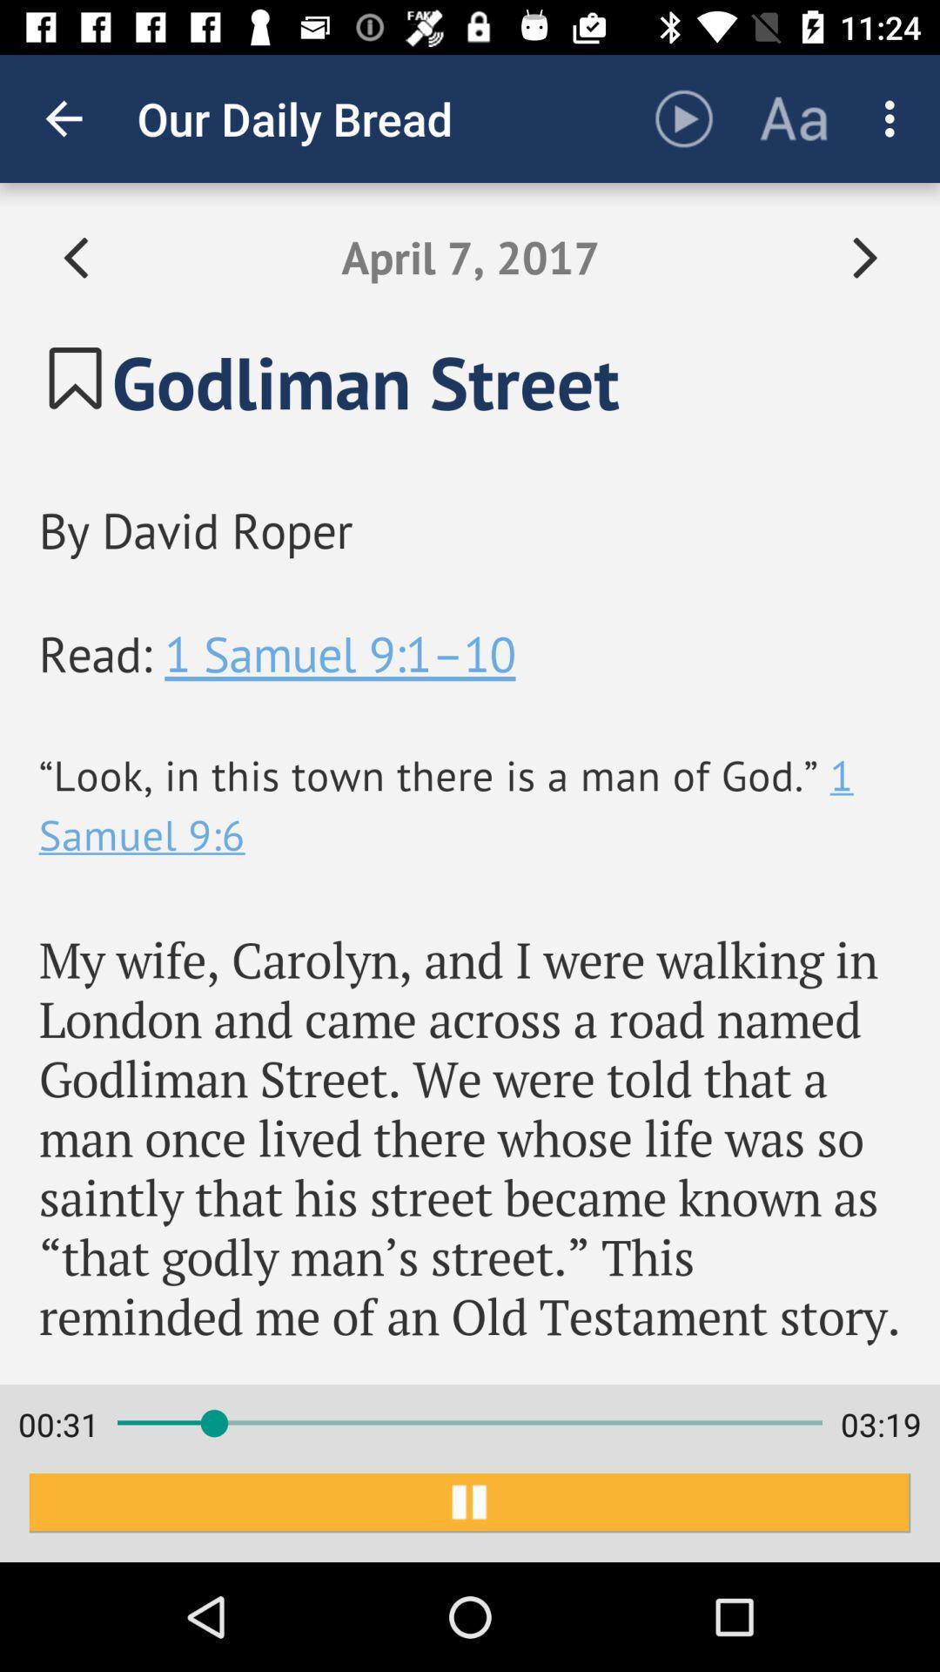  Describe the element at coordinates (683, 118) in the screenshot. I see `the app next to the our daily bread` at that location.